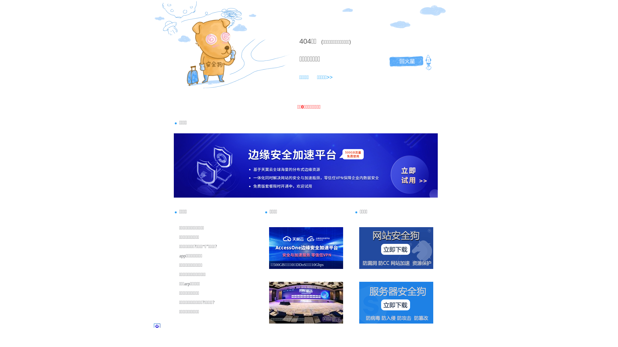  What do you see at coordinates (305, 41) in the screenshot?
I see `'404'` at bounding box center [305, 41].